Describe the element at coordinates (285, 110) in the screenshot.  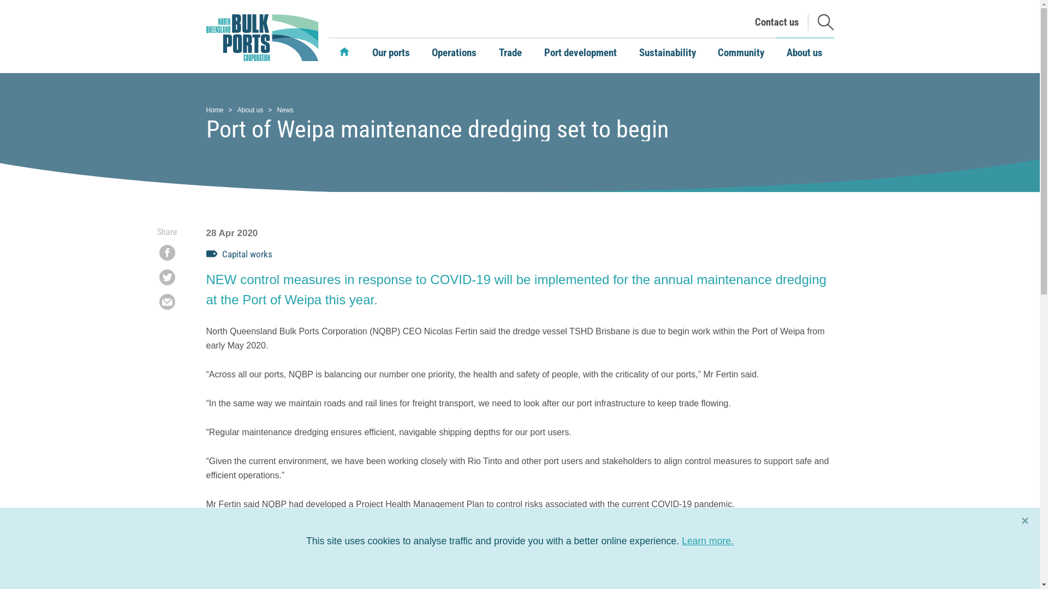
I see `'News'` at that location.